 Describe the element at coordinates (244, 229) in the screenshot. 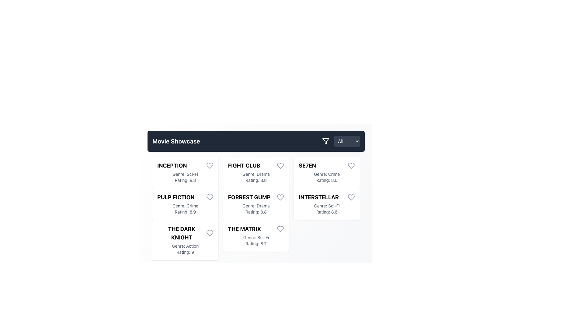

I see `the bold text label titled 'THE MATRIX'` at that location.